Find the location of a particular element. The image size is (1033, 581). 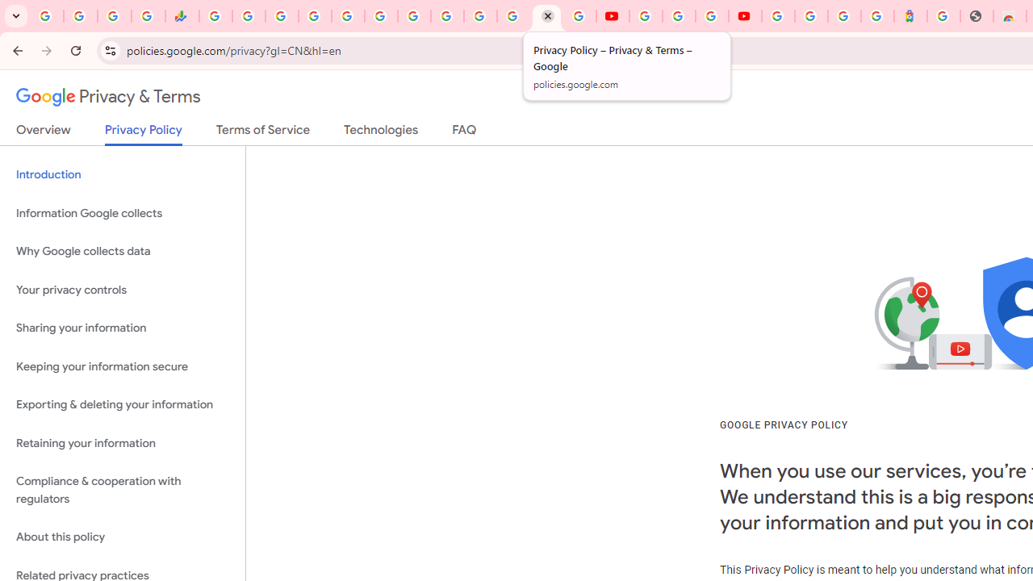

'Introduction' is located at coordinates (122, 175).